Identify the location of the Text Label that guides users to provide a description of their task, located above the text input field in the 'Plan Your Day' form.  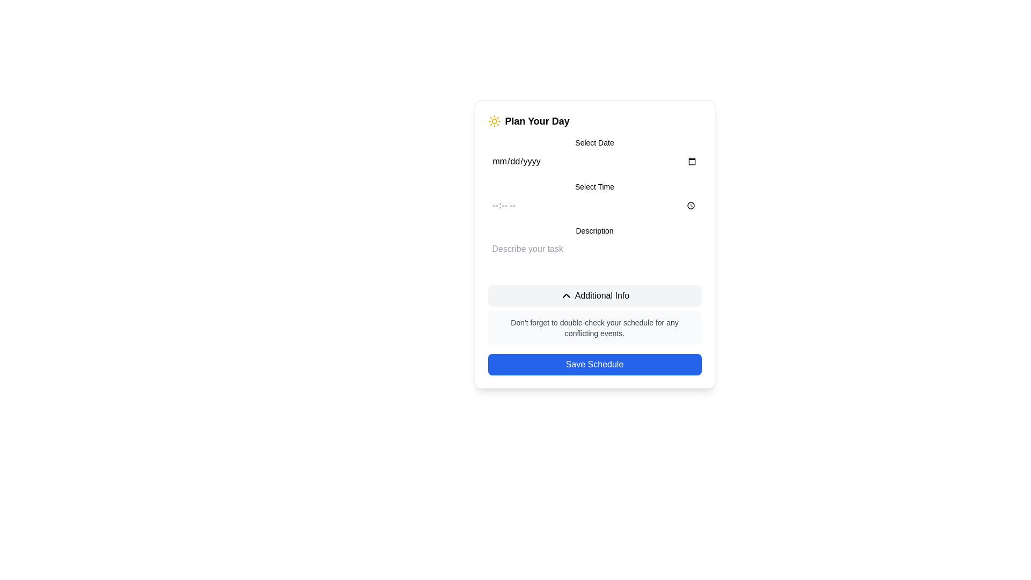
(594, 230).